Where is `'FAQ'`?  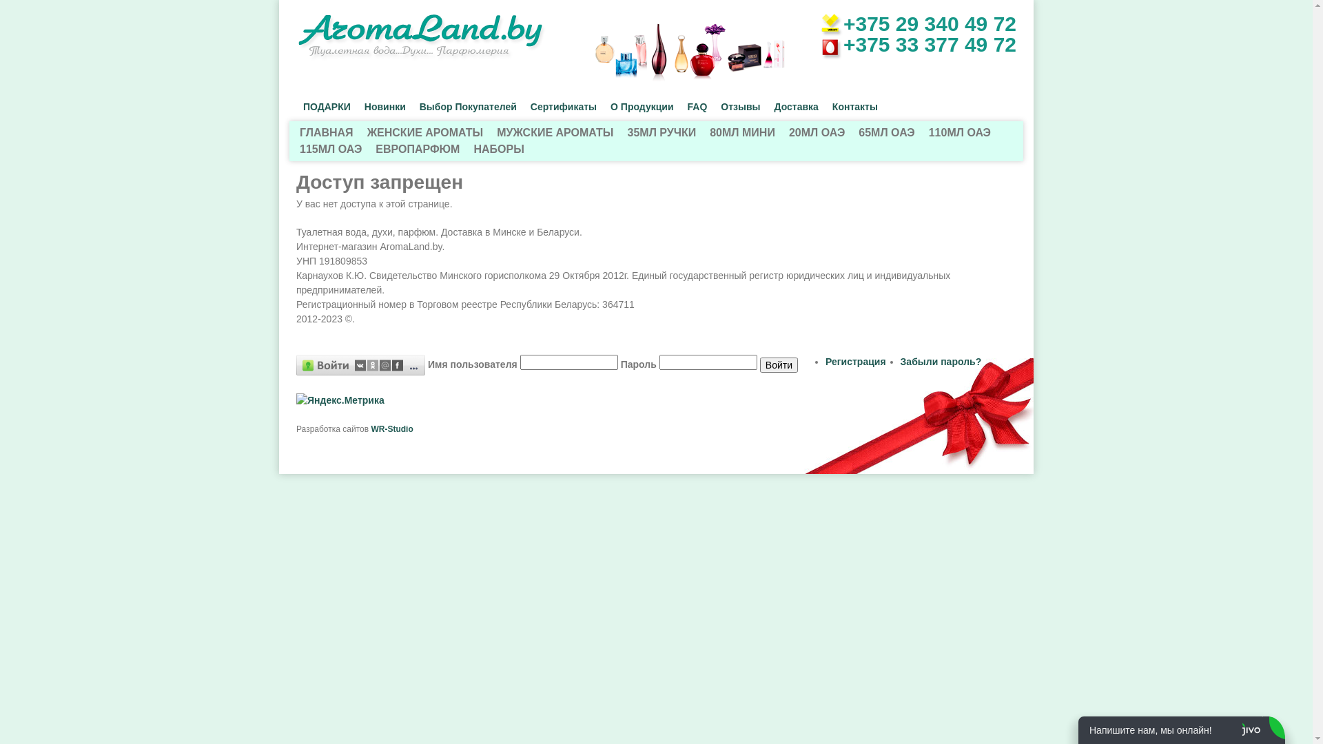 'FAQ' is located at coordinates (697, 106).